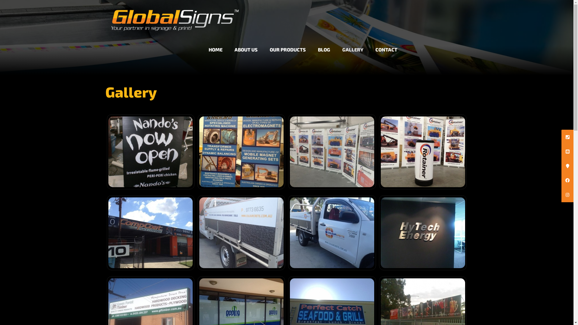 The height and width of the screenshot is (325, 578). What do you see at coordinates (246, 44) in the screenshot?
I see `'ABOUT US'` at bounding box center [246, 44].